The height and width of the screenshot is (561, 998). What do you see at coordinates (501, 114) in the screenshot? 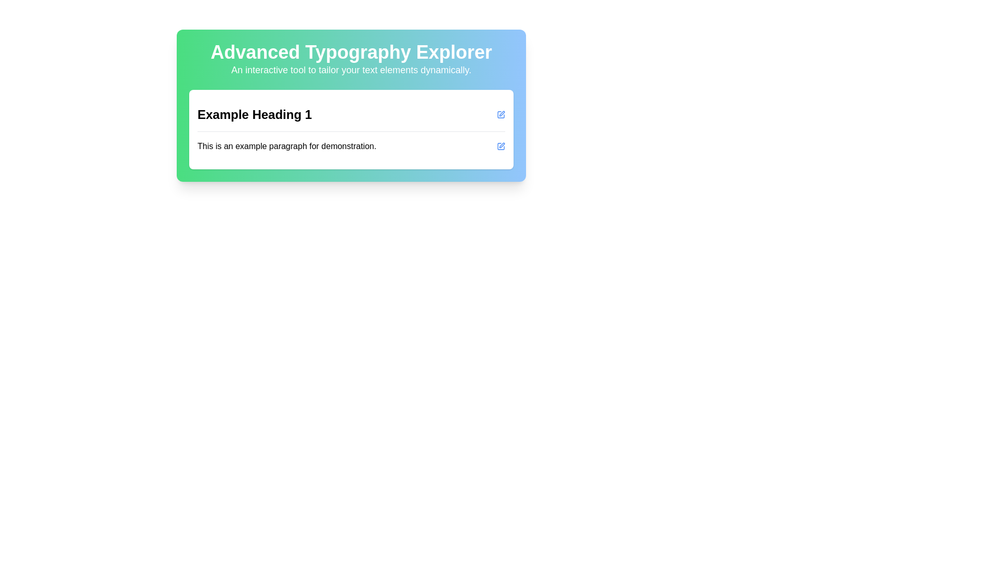
I see `the edit icon button located at the top-right corner of the section containing the heading 'Example Heading 1'` at bounding box center [501, 114].